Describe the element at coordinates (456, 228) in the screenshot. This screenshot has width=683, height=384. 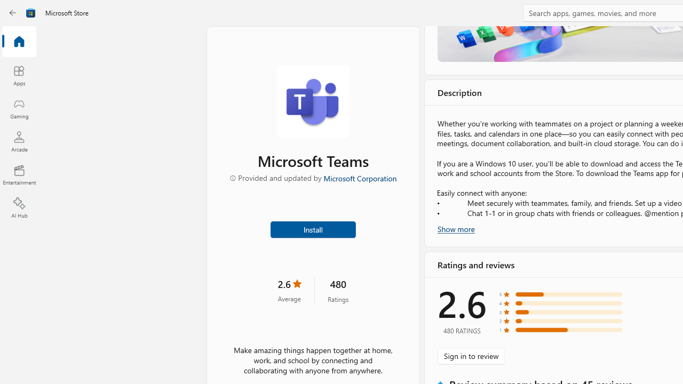
I see `'Show more'` at that location.